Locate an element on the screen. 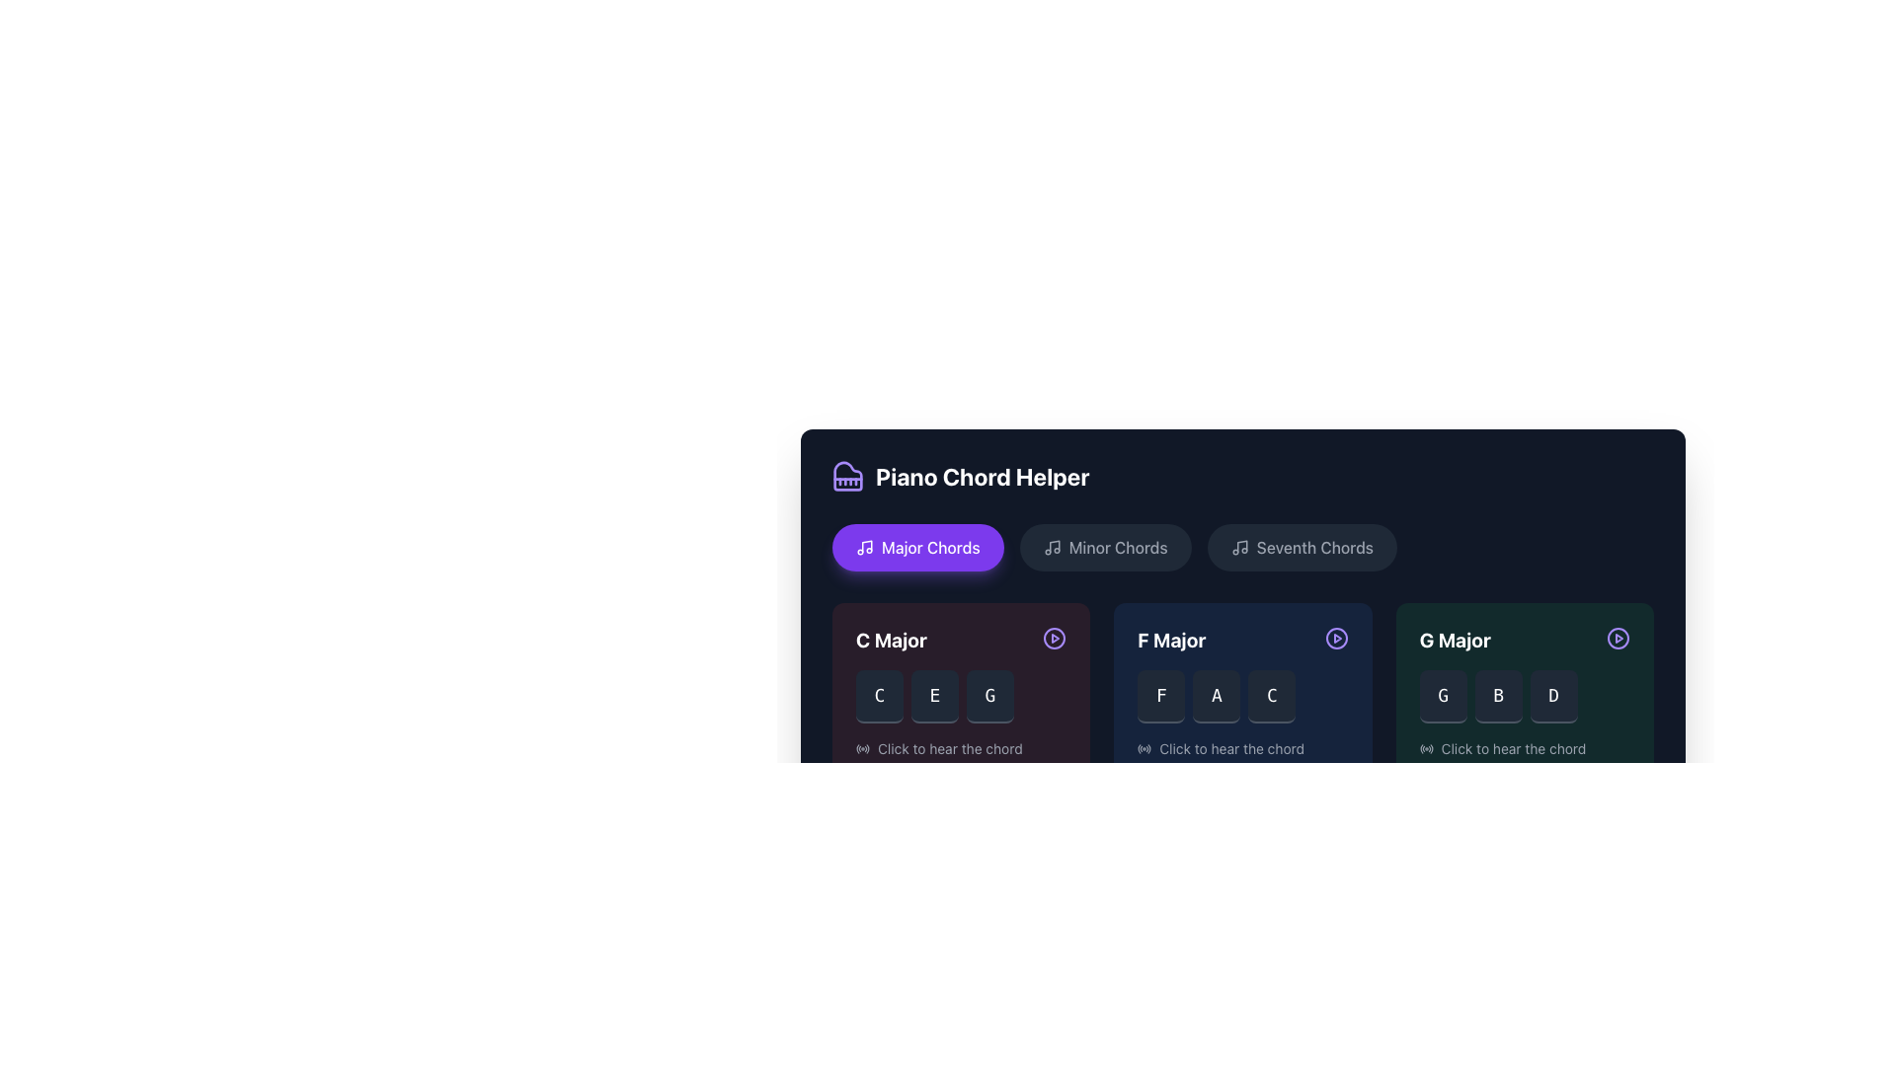 The image size is (1896, 1066). the musical notes icon, which is styled in a modern outline design and located to the left of the 'Seventh Chords' label in the top-right part of the interface is located at coordinates (1238, 548).